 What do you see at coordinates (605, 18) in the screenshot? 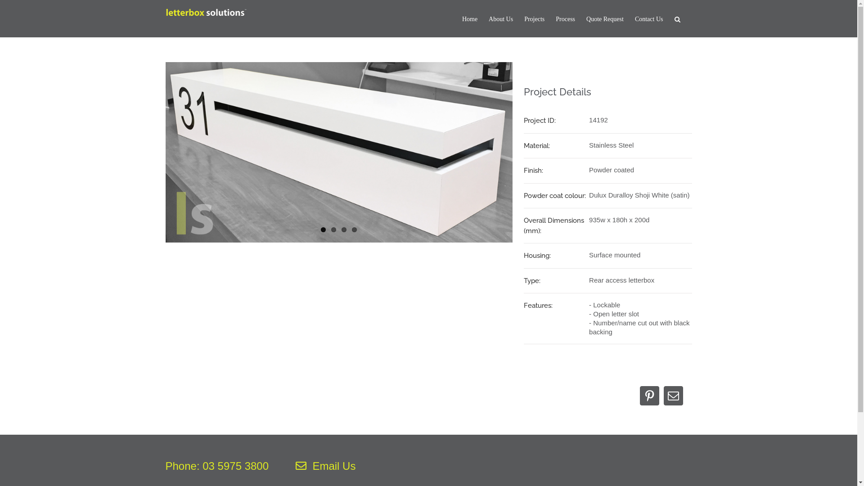
I see `'Quote Request'` at bounding box center [605, 18].